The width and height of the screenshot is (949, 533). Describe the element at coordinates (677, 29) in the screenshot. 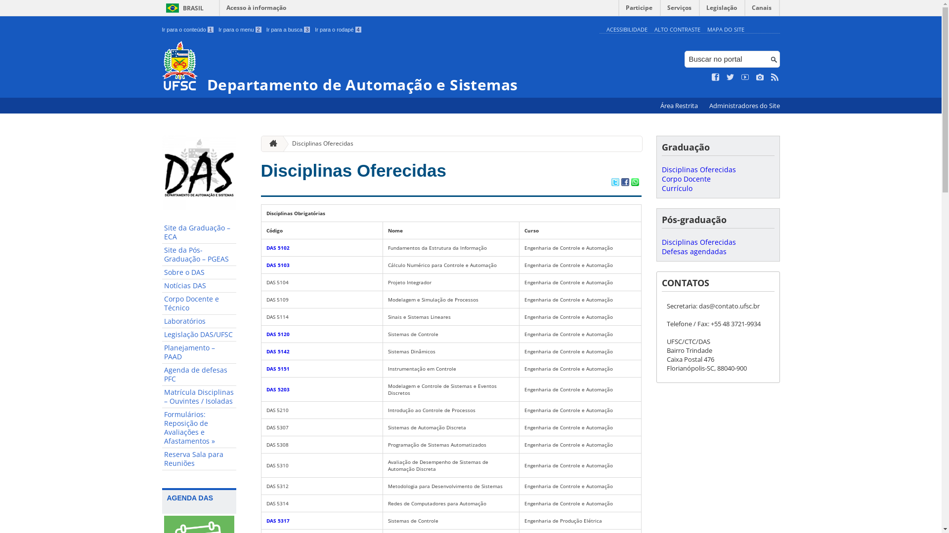

I see `'ALTO CONTRASTE'` at that location.